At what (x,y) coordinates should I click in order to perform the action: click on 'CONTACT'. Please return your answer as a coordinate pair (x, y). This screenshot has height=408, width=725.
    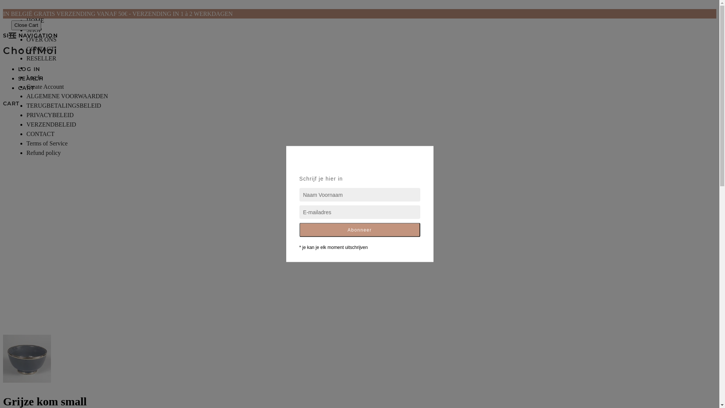
    Looking at the image, I should click on (40, 133).